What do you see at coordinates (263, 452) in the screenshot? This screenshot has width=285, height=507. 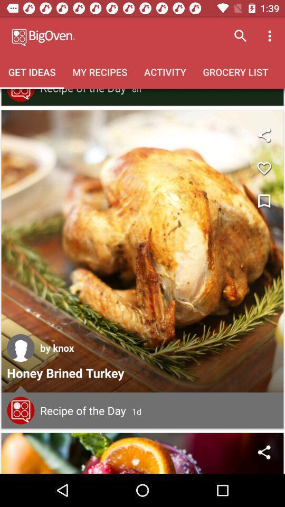 I see `share` at bounding box center [263, 452].